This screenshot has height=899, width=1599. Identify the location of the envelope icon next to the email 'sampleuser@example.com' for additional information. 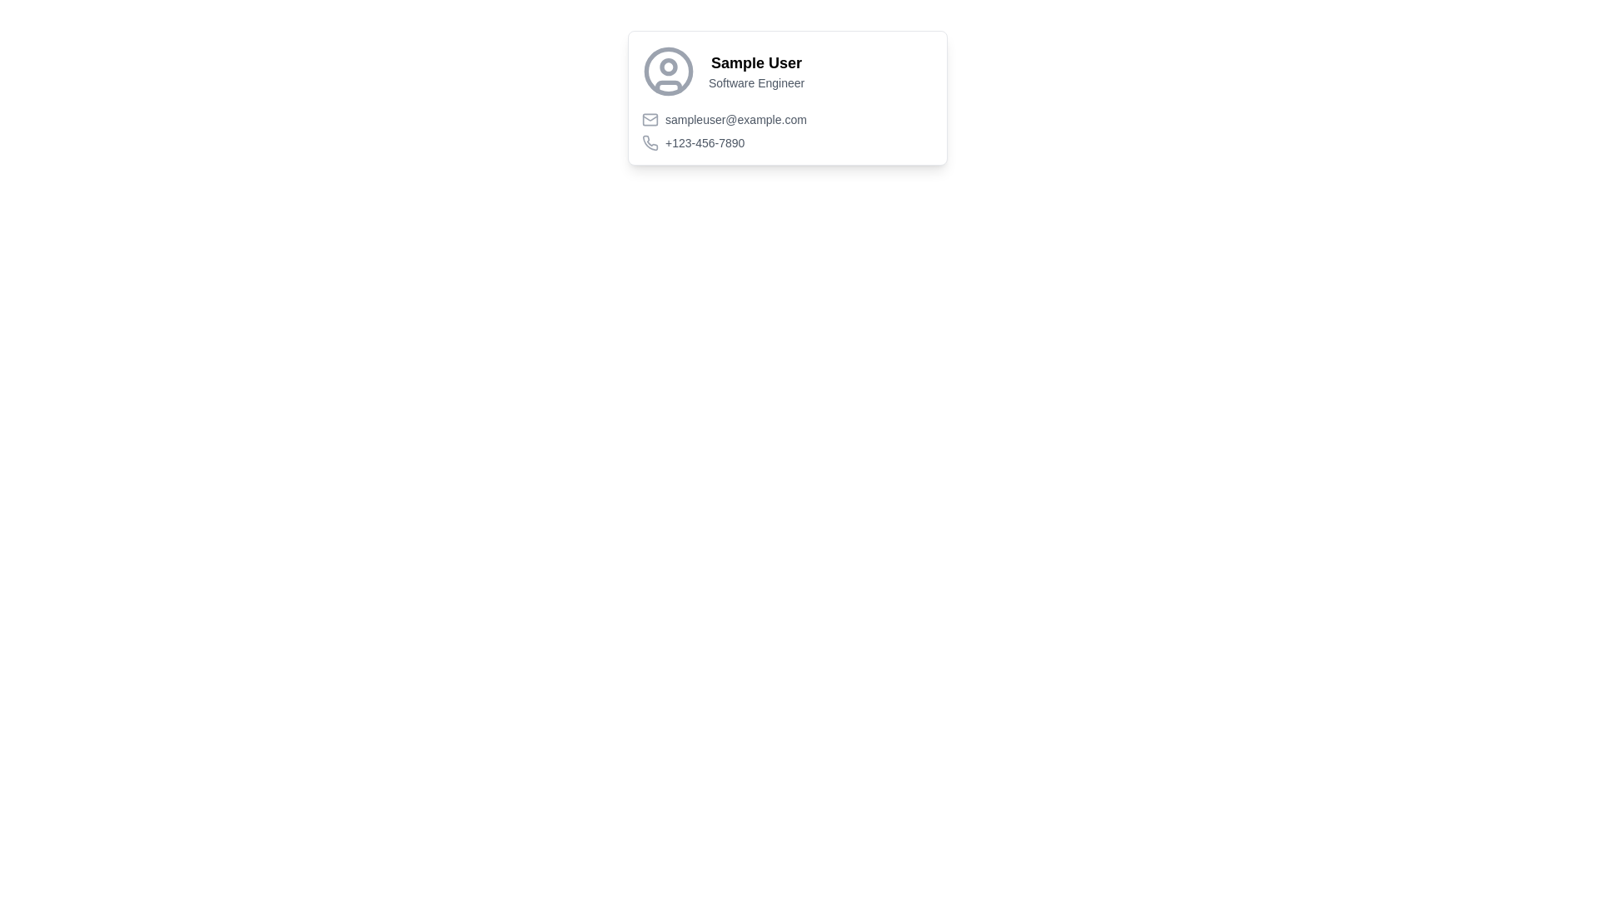
(786, 118).